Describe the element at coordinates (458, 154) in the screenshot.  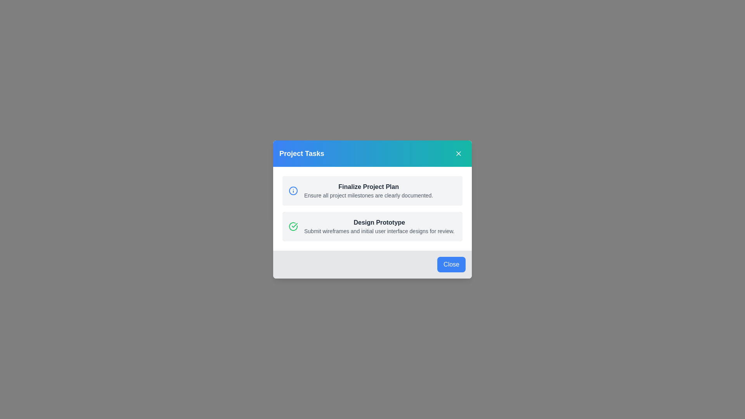
I see `the close button in the header to close the dialog` at that location.